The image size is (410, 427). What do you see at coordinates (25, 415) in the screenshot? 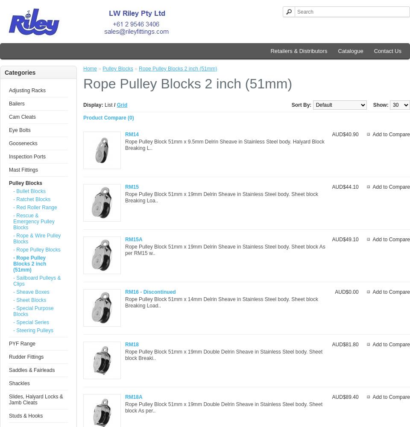
I see `'Studs & Hooks'` at bounding box center [25, 415].